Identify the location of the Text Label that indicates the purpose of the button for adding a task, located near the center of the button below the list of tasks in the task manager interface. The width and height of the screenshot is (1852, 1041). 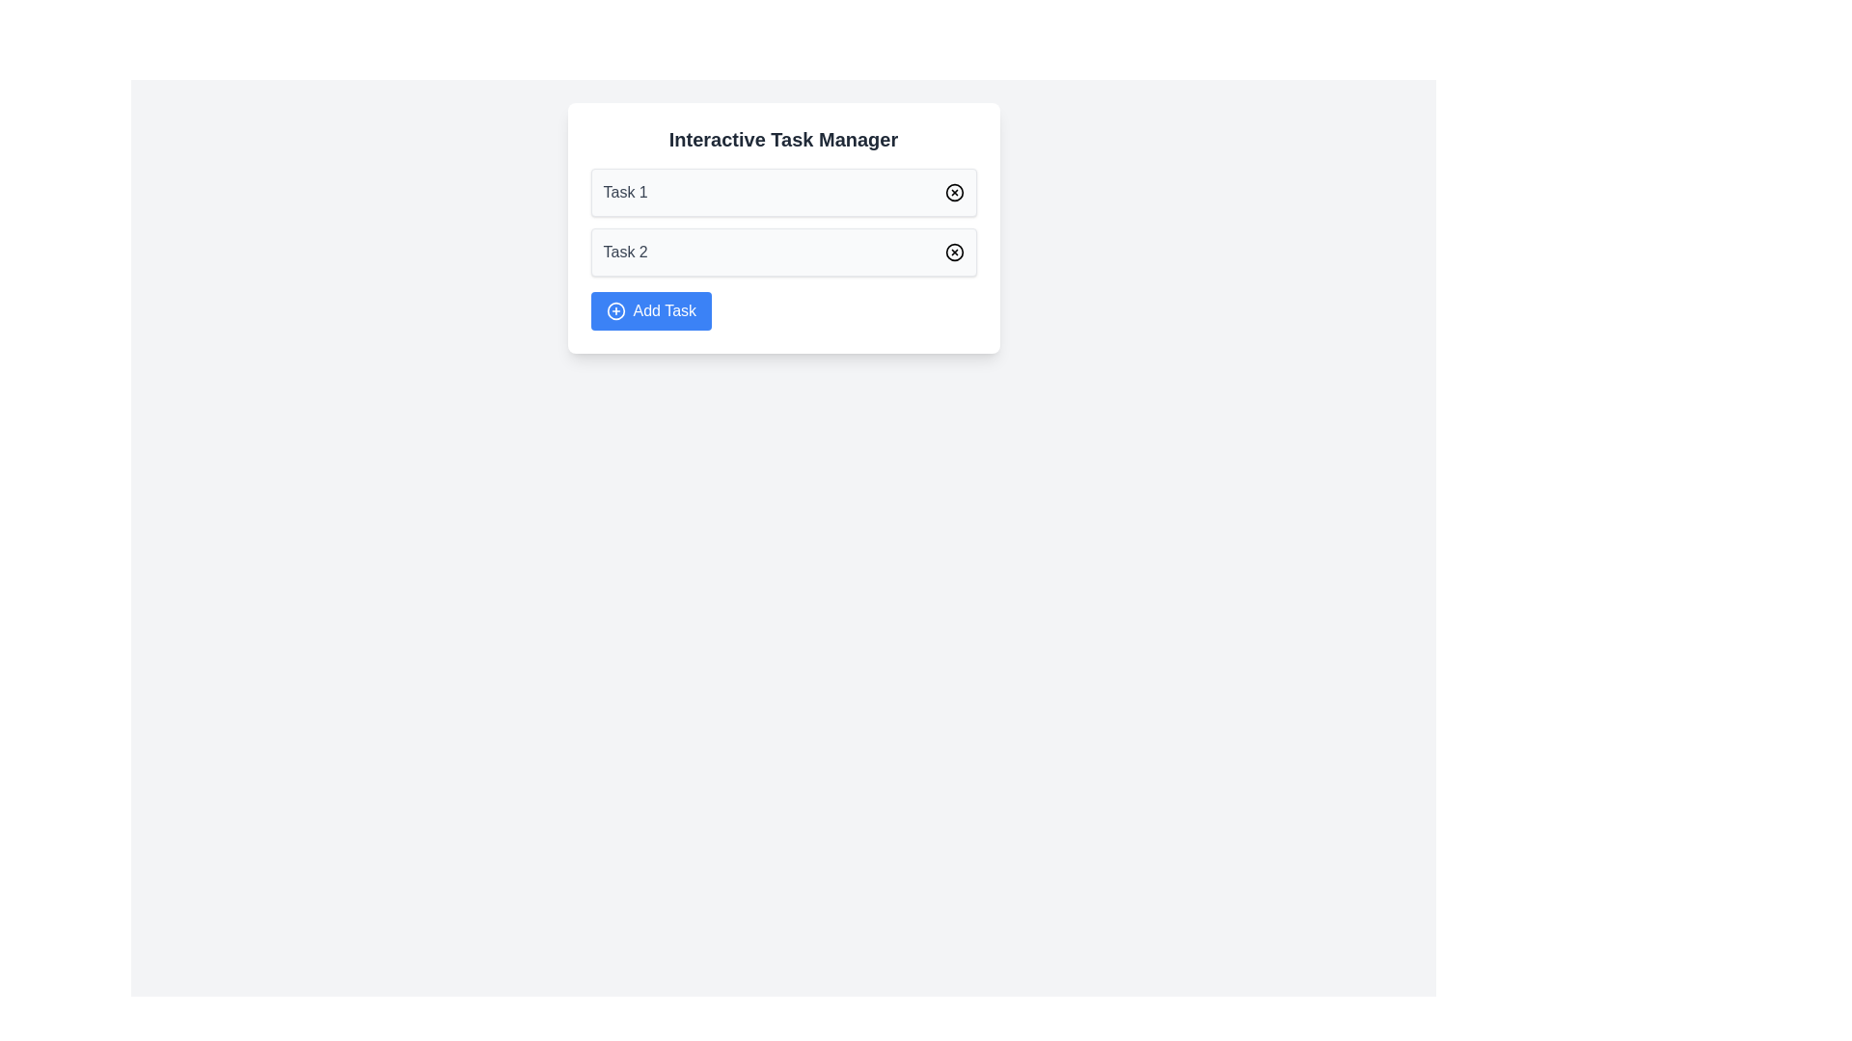
(665, 310).